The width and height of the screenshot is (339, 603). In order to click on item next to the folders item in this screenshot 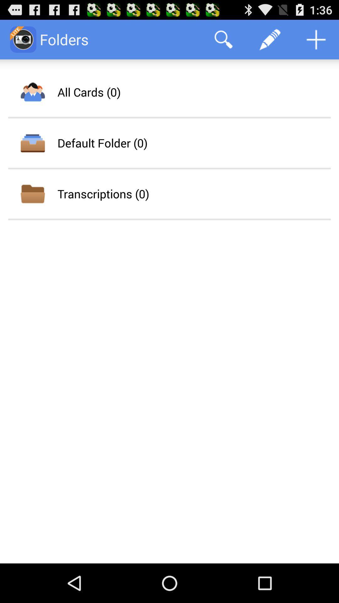, I will do `click(223, 39)`.